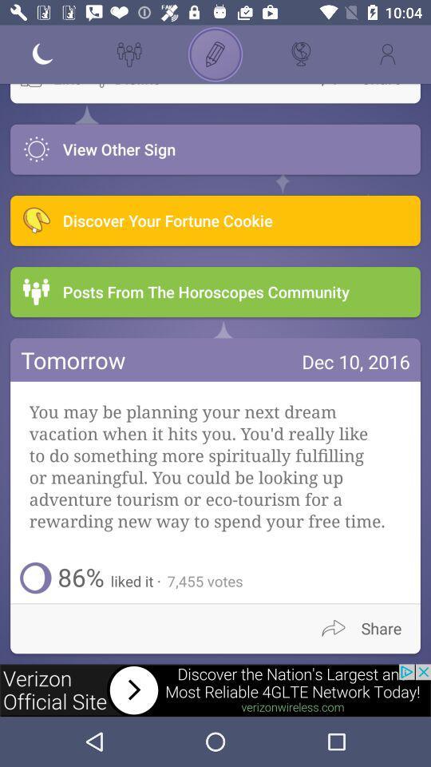 The height and width of the screenshot is (767, 431). I want to click on write, so click(215, 54).